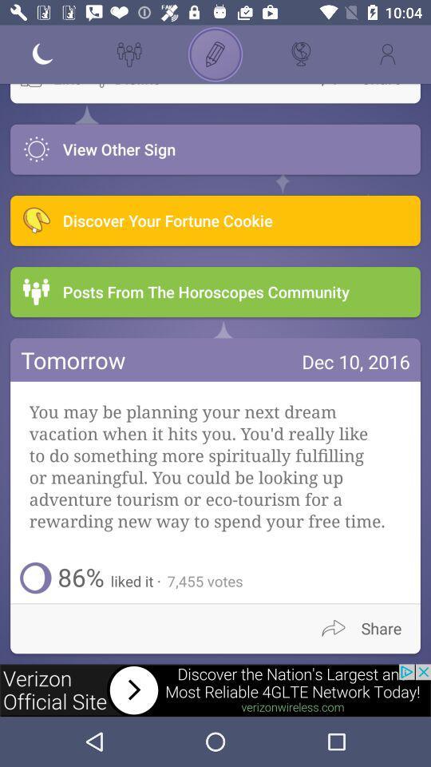 The height and width of the screenshot is (767, 431). I want to click on write, so click(215, 54).